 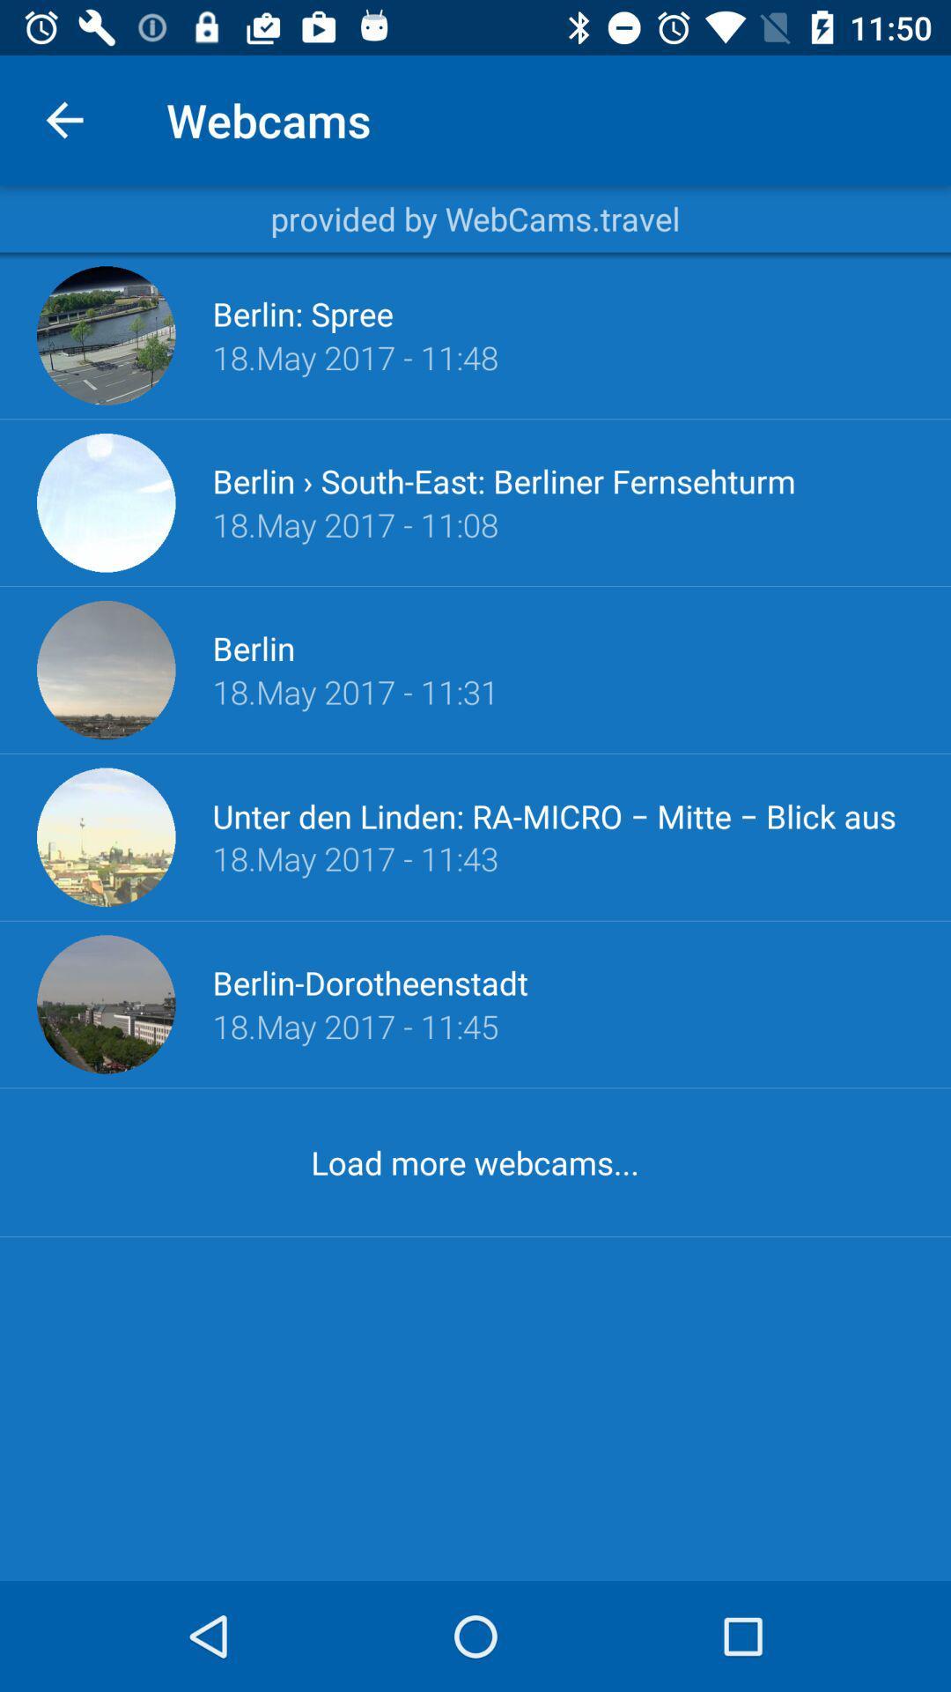 What do you see at coordinates (369, 982) in the screenshot?
I see `the item below 18 may 2017 icon` at bounding box center [369, 982].